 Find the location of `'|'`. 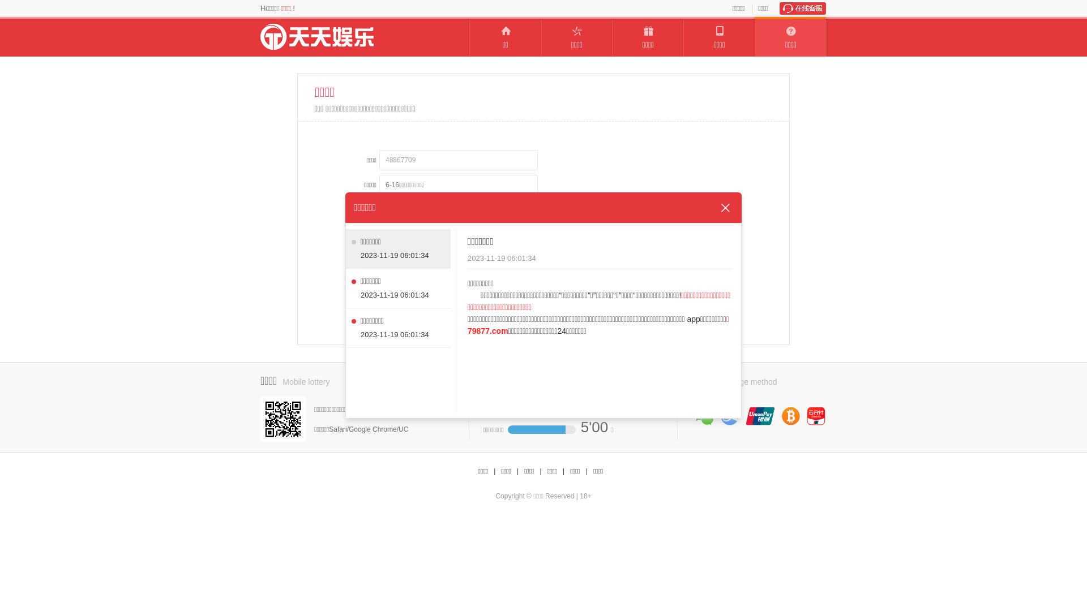

'|' is located at coordinates (540, 471).